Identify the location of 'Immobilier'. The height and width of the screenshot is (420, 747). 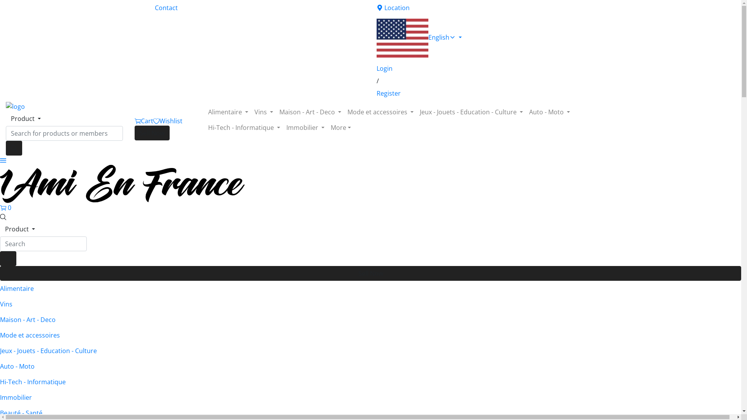
(283, 127).